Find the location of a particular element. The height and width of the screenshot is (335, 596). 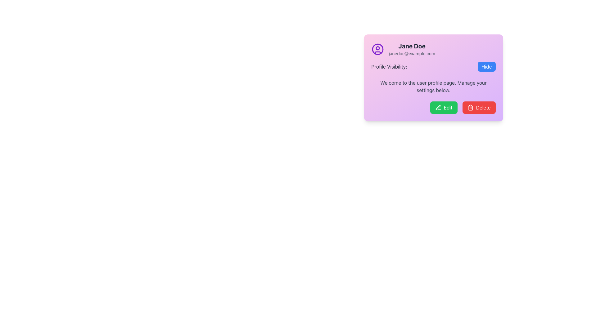

the 'Edit' icon which visually represents the 'Edit' action, located to the left of the text label 'Edit' is located at coordinates (438, 107).